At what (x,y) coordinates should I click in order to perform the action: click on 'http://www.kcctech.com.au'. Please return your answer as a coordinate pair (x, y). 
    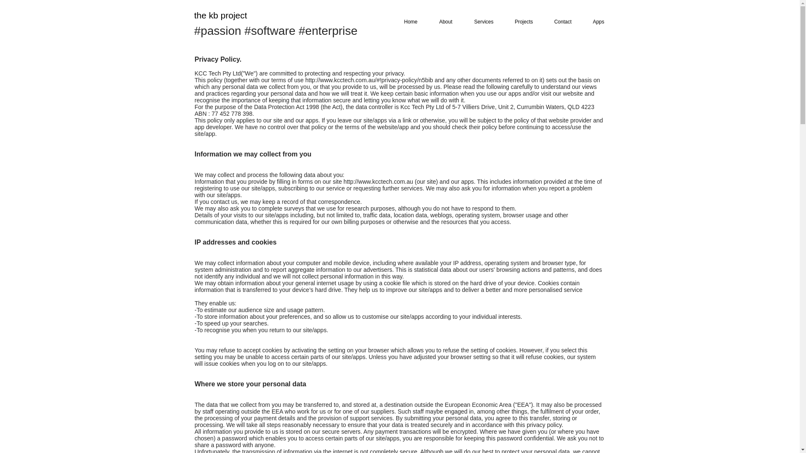
    Looking at the image, I should click on (378, 181).